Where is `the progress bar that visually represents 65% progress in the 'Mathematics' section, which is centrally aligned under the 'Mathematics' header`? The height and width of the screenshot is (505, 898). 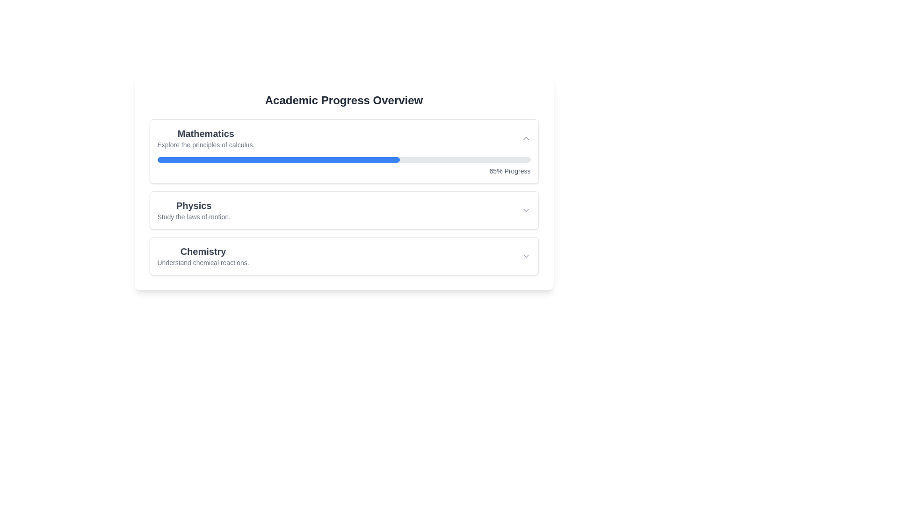
the progress bar that visually represents 65% progress in the 'Mathematics' section, which is centrally aligned under the 'Mathematics' header is located at coordinates (278, 159).